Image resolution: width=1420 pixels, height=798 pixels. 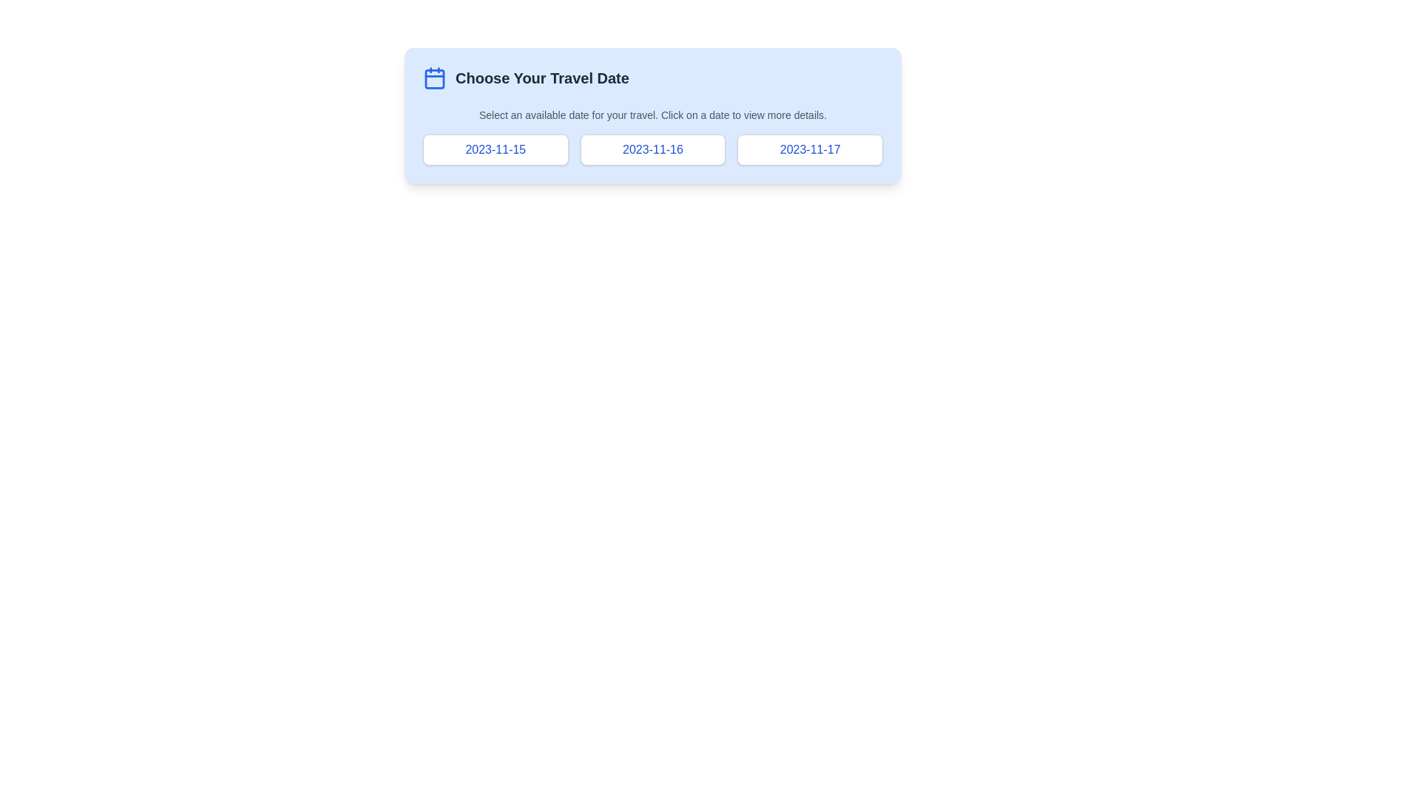 I want to click on the date selection button for 2023-11-16, so click(x=652, y=150).